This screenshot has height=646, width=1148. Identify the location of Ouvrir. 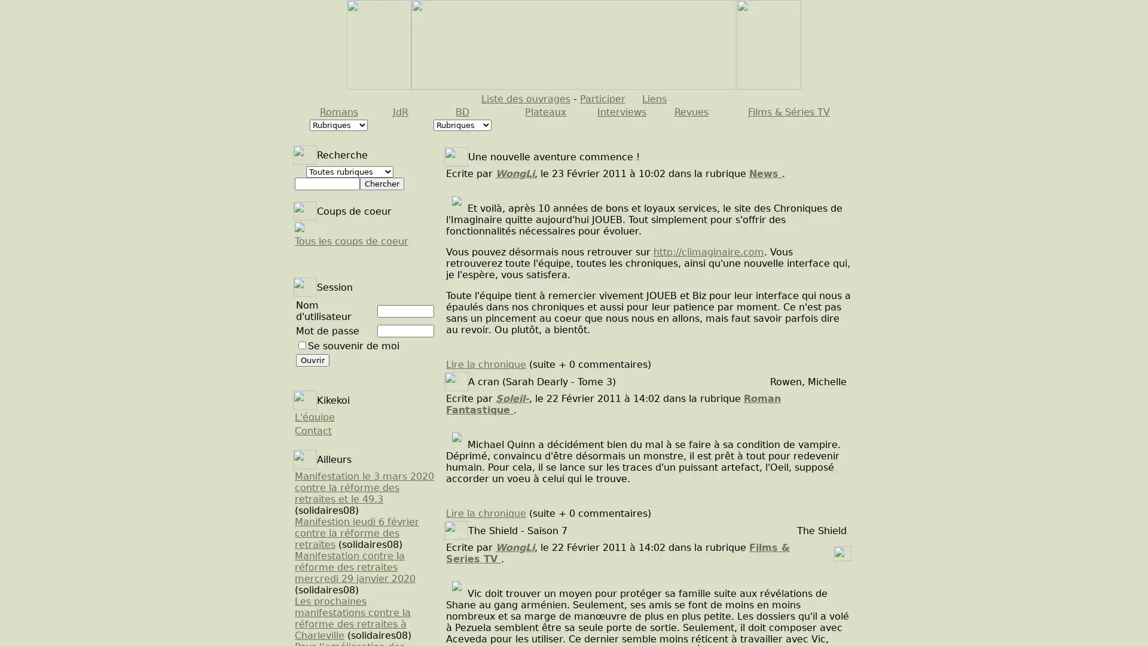
(313, 359).